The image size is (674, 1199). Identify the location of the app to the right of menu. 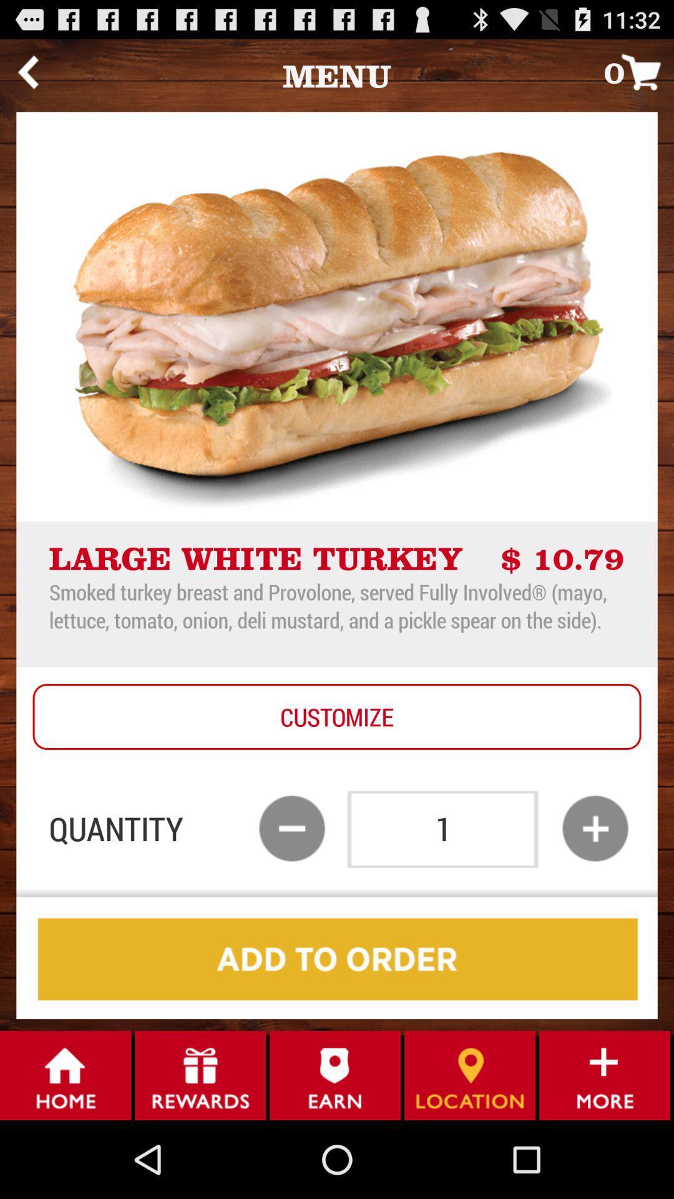
(638, 71).